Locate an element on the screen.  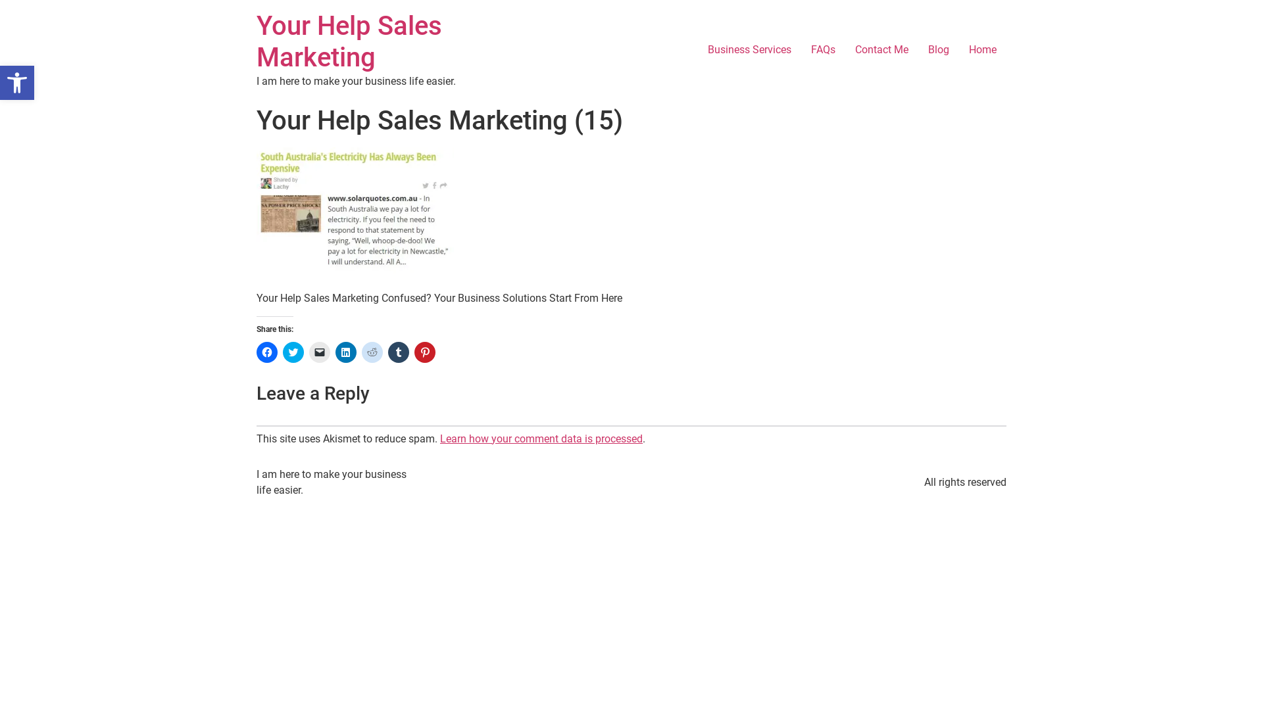
'Business Services' is located at coordinates (749, 49).